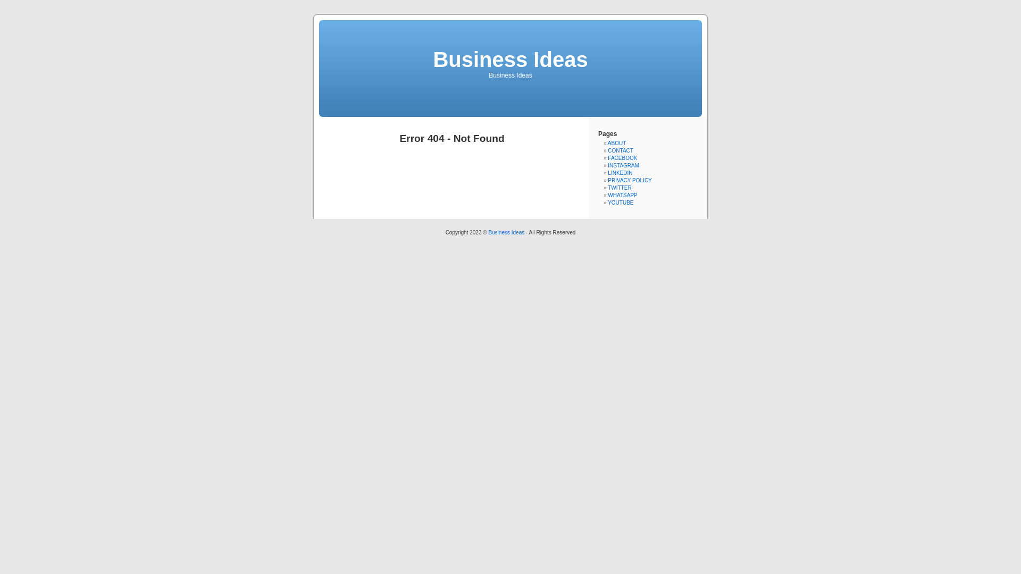 The width and height of the screenshot is (1021, 574). I want to click on 'WHATSAPP', so click(622, 195).